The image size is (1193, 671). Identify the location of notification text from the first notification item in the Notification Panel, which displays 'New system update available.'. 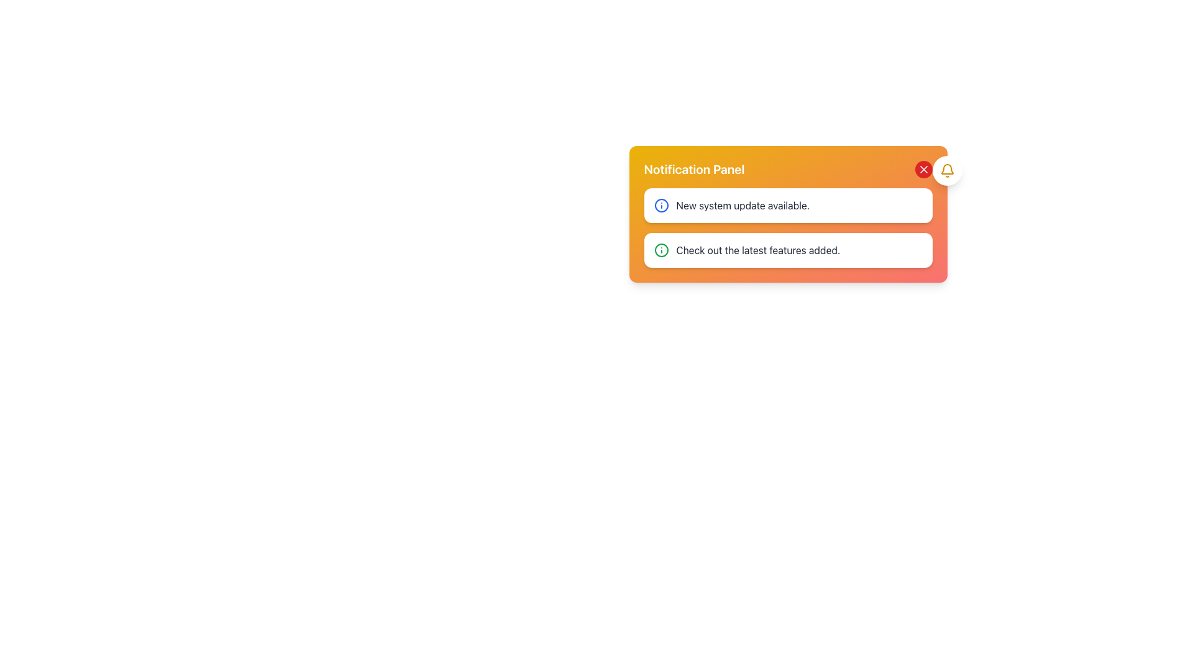
(787, 205).